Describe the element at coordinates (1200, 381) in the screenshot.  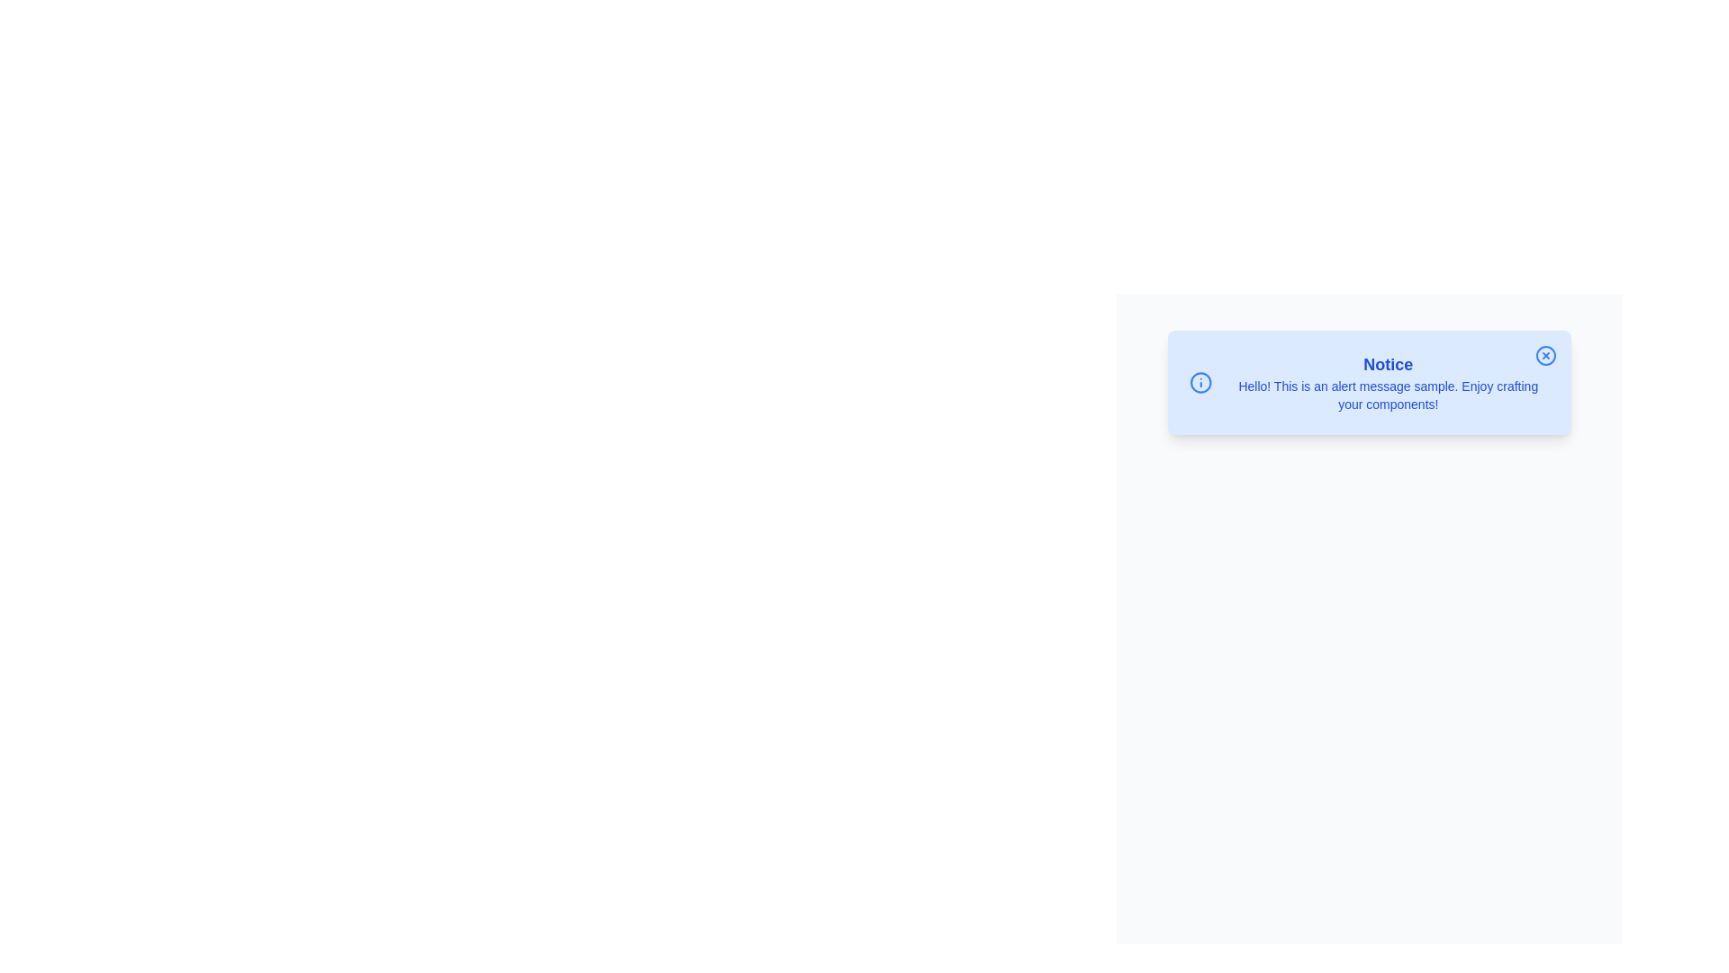
I see `the information or alert icon located to the left of the notification message titled 'Notice' with the message body` at that location.